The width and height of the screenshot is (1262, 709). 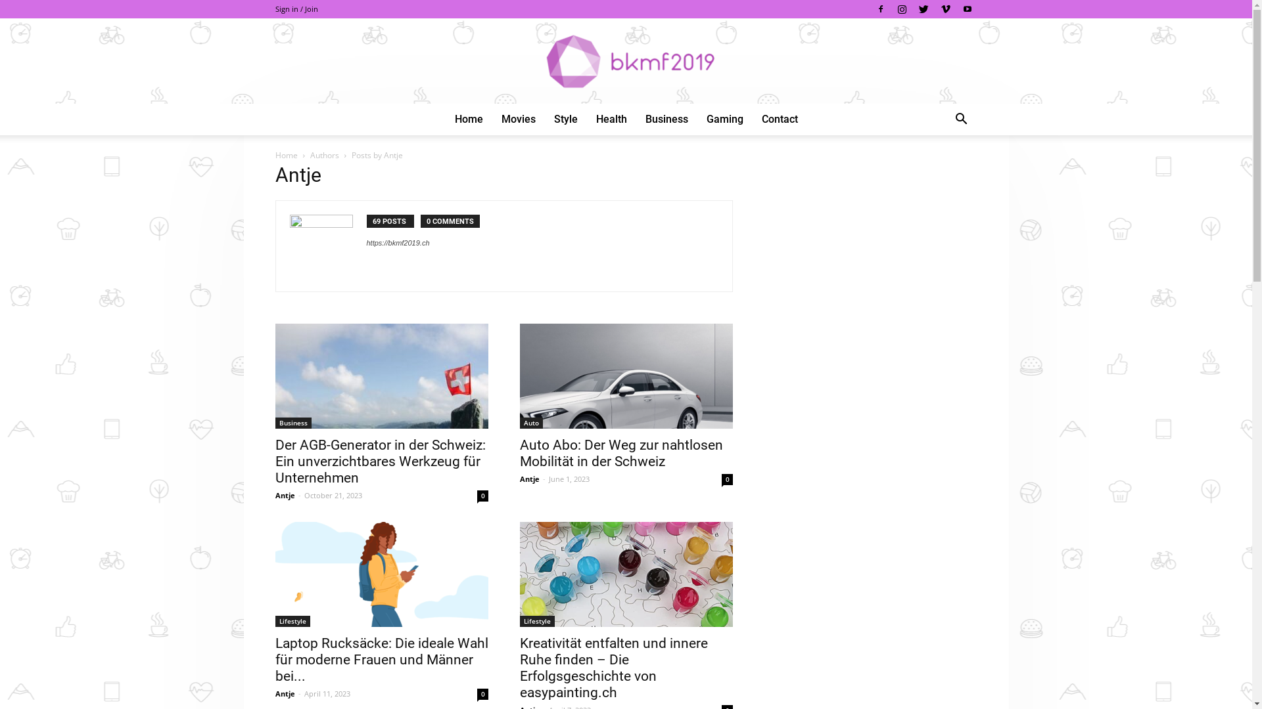 What do you see at coordinates (923, 9) in the screenshot?
I see `'Twitter'` at bounding box center [923, 9].